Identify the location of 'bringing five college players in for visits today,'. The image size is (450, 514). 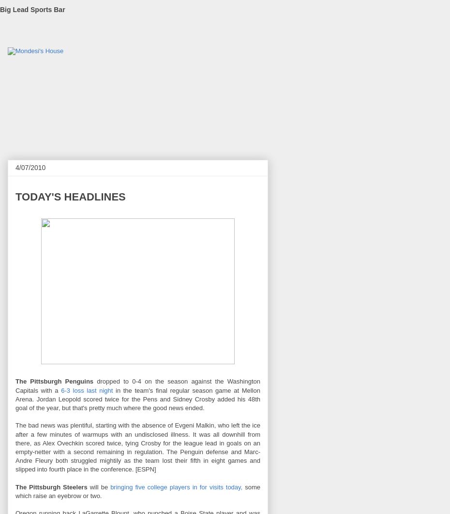
(176, 486).